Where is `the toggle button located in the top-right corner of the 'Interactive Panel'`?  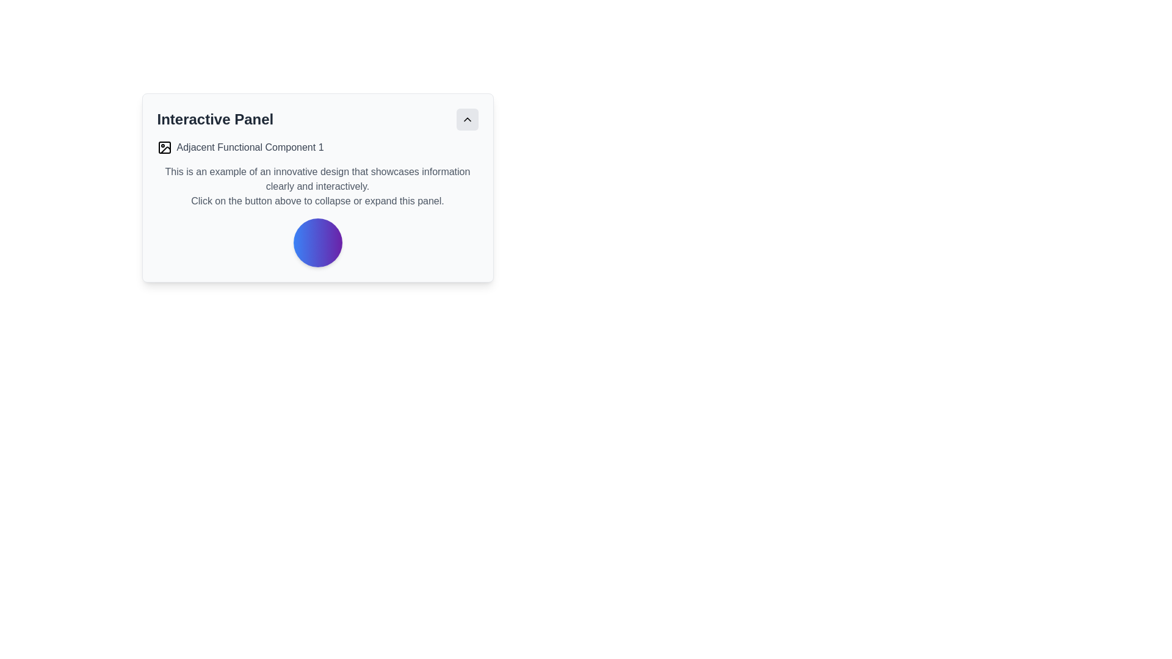 the toggle button located in the top-right corner of the 'Interactive Panel' is located at coordinates (466, 120).